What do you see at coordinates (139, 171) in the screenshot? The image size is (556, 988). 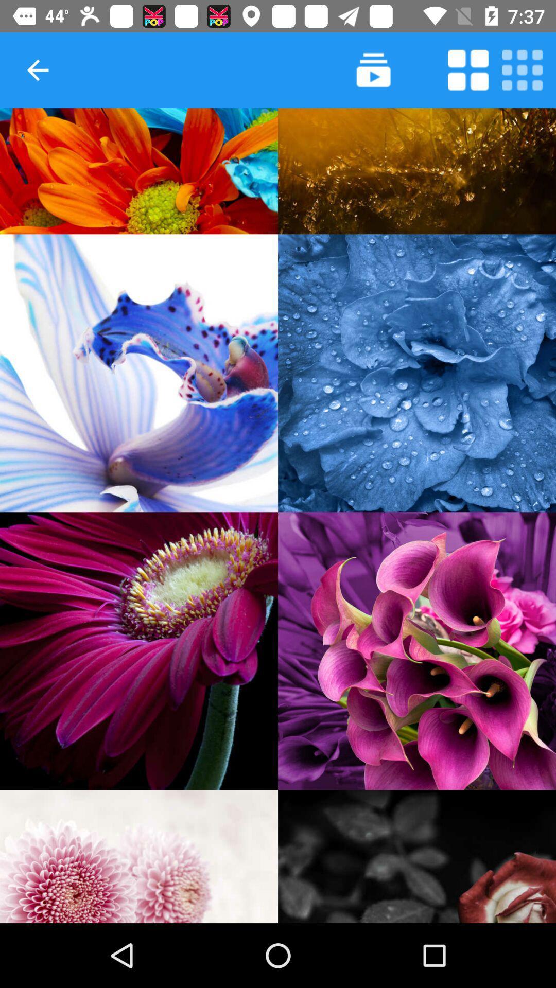 I see `open image` at bounding box center [139, 171].